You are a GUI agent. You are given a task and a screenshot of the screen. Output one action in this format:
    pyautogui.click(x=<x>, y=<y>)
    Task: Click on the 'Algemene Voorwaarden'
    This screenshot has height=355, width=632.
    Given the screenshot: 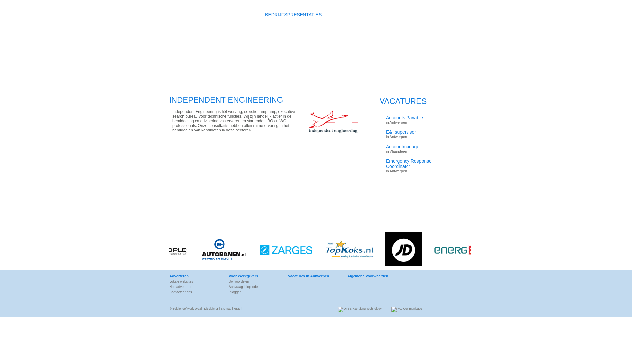 What is the action you would take?
    pyautogui.click(x=373, y=276)
    